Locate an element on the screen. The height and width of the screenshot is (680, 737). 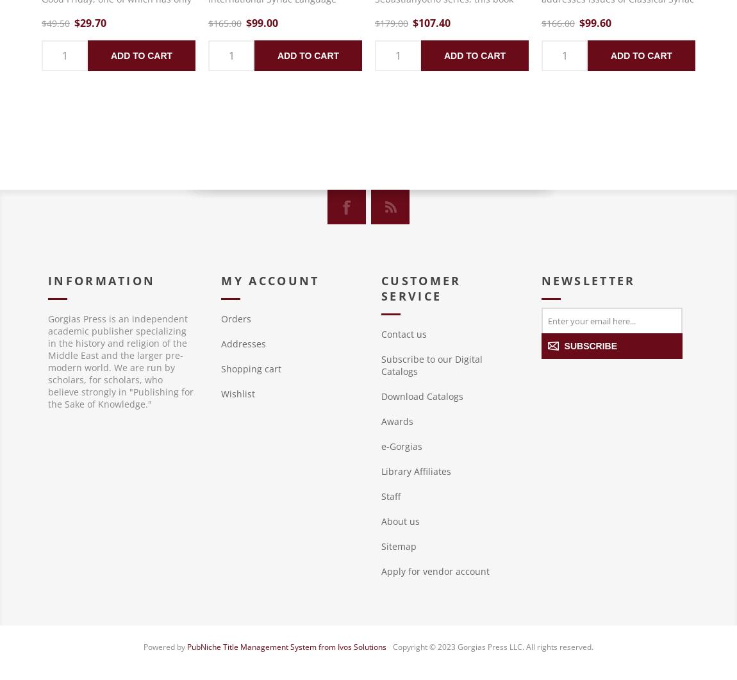
'$49.50' is located at coordinates (55, 23).